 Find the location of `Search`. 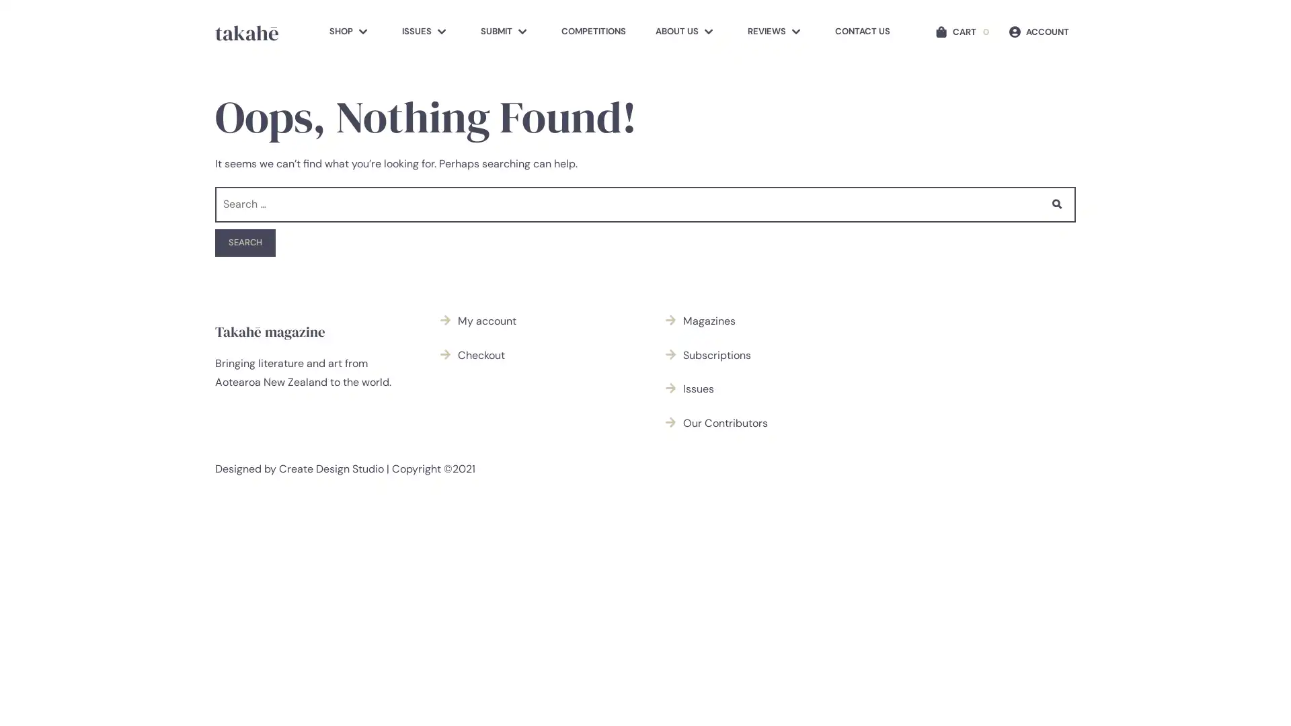

Search is located at coordinates (245, 243).